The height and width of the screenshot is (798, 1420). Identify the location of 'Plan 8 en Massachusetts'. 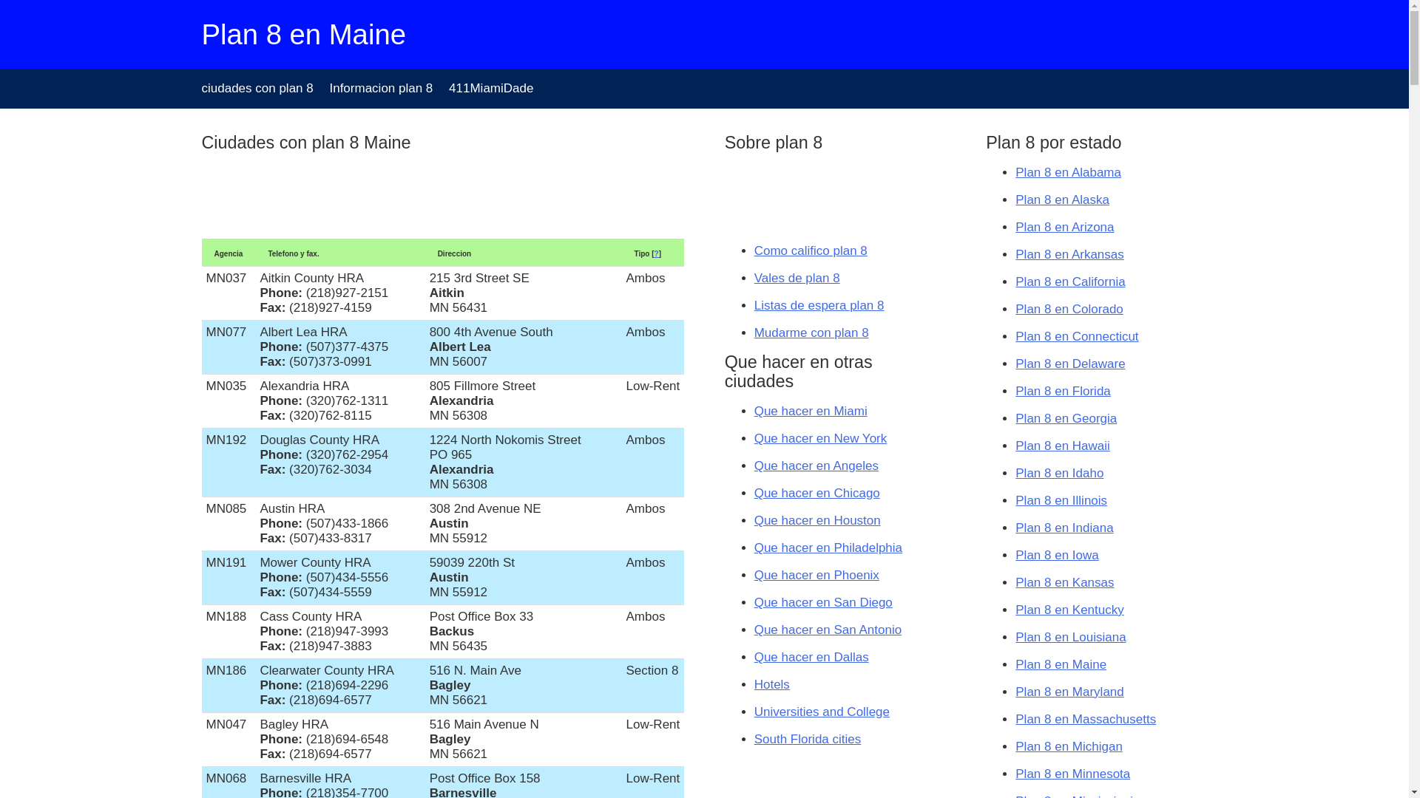
(1086, 718).